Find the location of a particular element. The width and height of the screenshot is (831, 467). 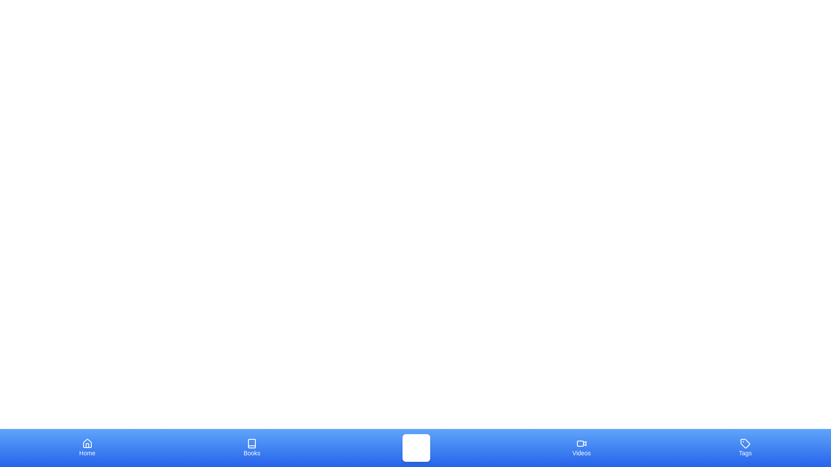

the tab labeled Tags is located at coordinates (745, 448).